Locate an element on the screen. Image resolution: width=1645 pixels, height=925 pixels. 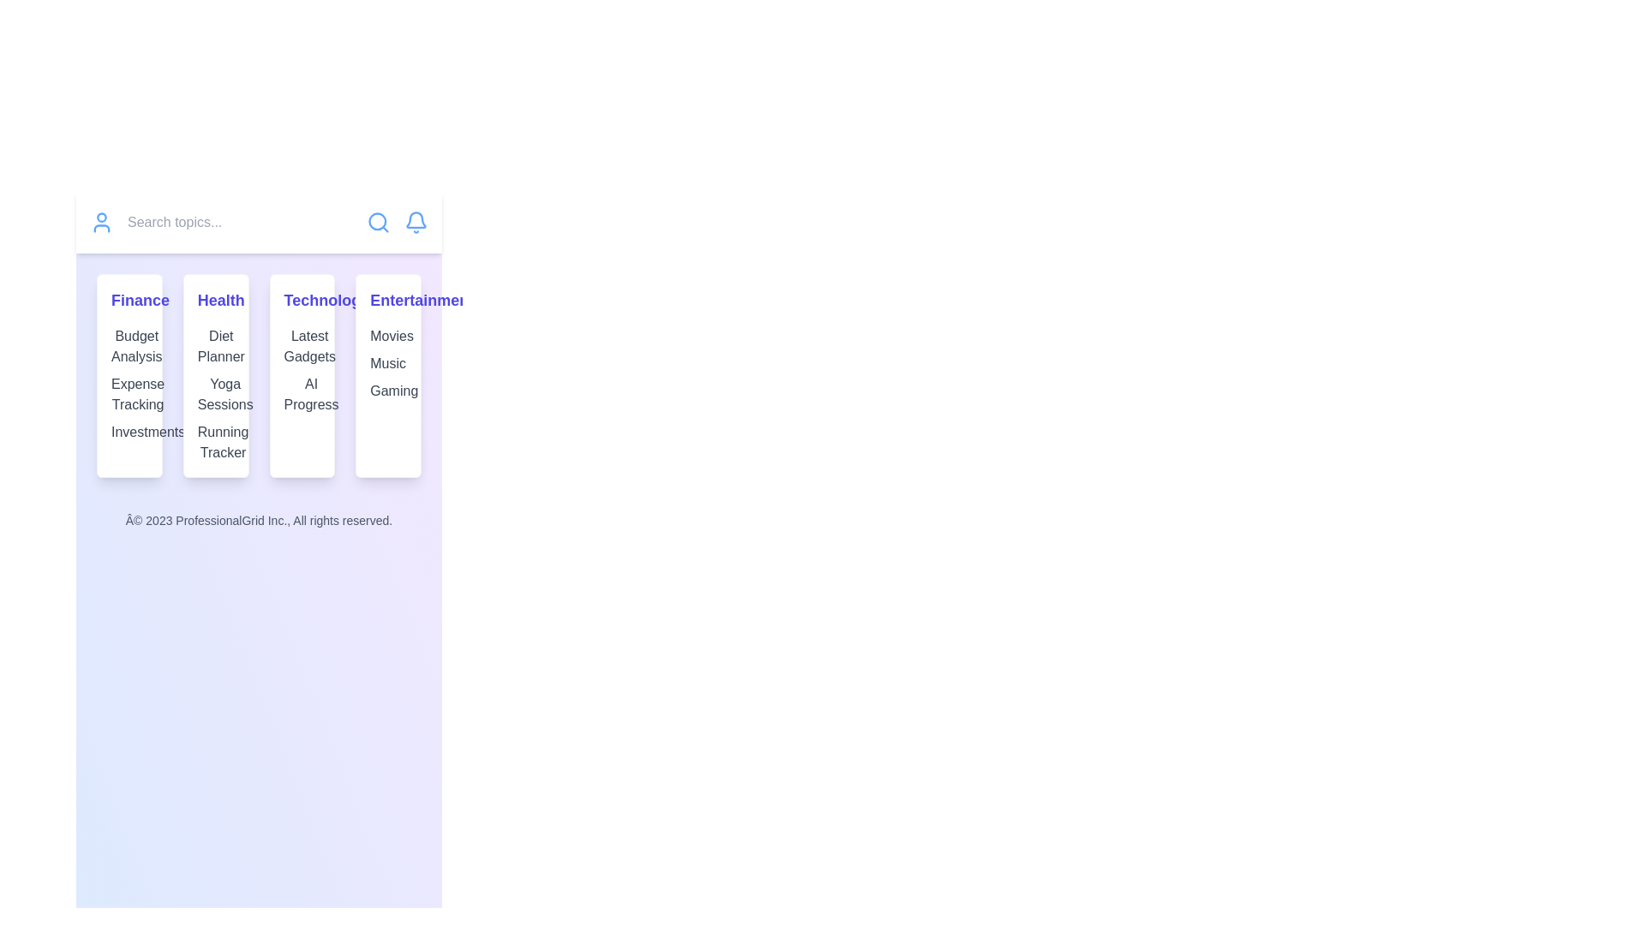
the notification bell-shaped icon with a blue hue located at the far-right end of the horizontal layout is located at coordinates (416, 221).